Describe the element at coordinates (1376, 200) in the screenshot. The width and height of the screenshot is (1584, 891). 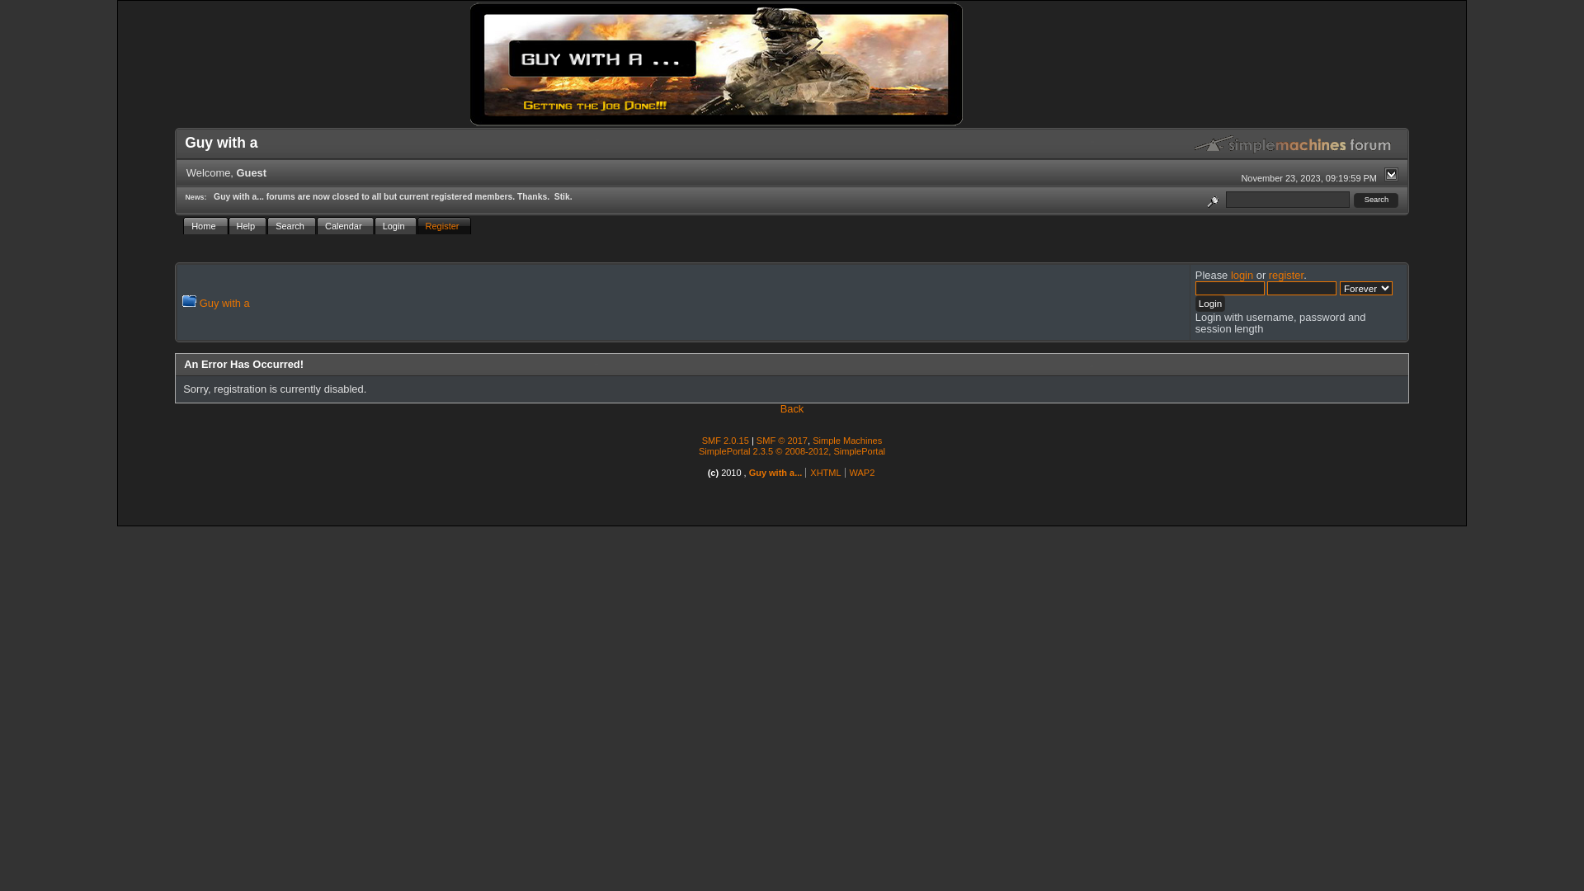
I see `'Search'` at that location.